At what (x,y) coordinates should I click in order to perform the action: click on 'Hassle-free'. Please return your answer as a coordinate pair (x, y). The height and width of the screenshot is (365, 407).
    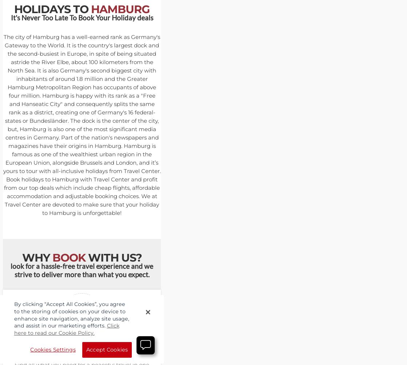
    Looking at the image, I should click on (62, 349).